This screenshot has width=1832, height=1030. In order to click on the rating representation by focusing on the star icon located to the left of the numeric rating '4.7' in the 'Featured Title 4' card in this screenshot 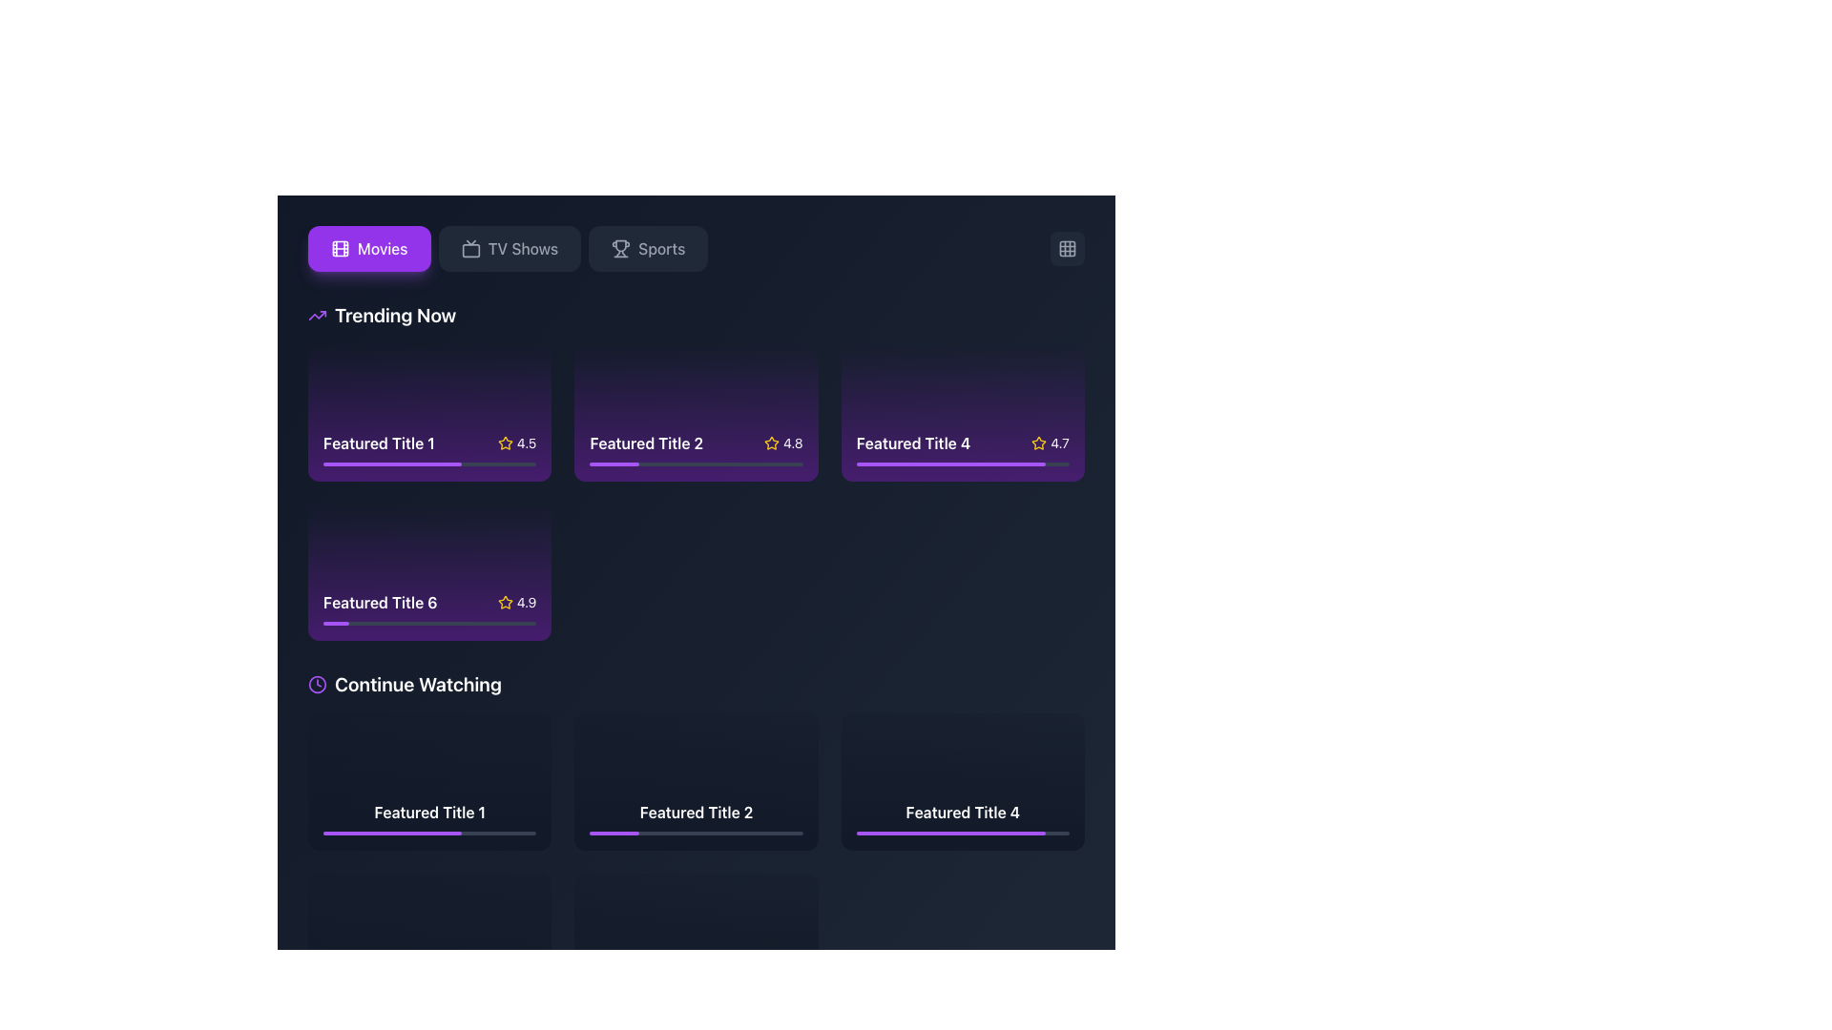, I will do `click(1038, 443)`.